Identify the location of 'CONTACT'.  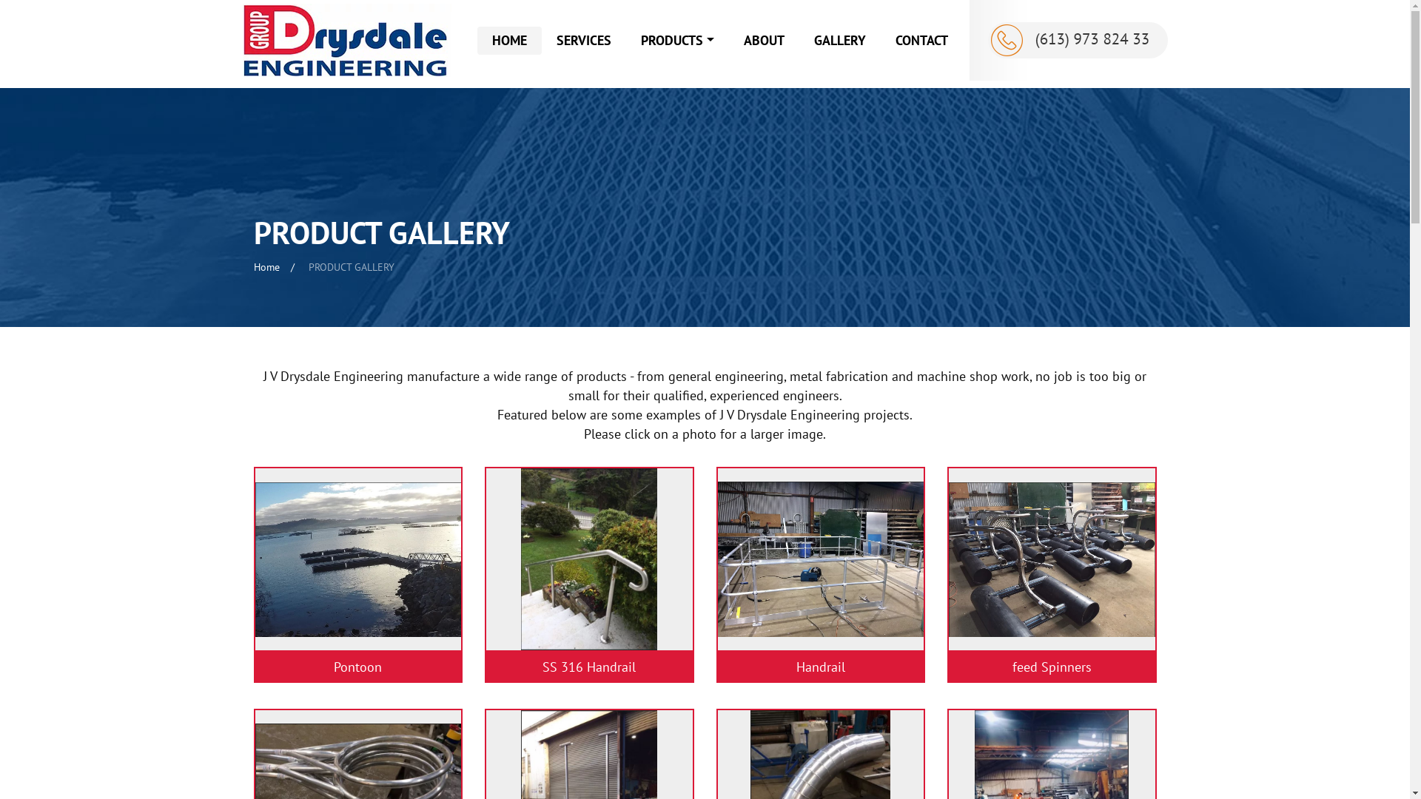
(921, 39).